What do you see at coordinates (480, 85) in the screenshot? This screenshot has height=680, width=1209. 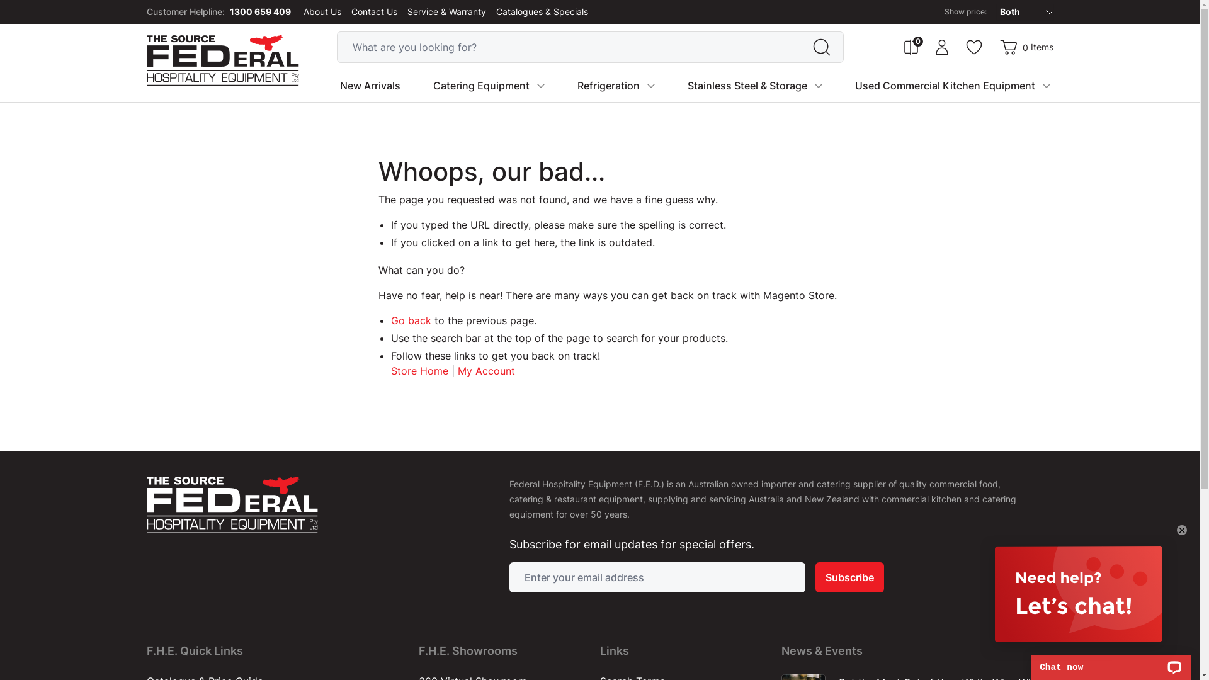 I see `'Catering Equipment'` at bounding box center [480, 85].